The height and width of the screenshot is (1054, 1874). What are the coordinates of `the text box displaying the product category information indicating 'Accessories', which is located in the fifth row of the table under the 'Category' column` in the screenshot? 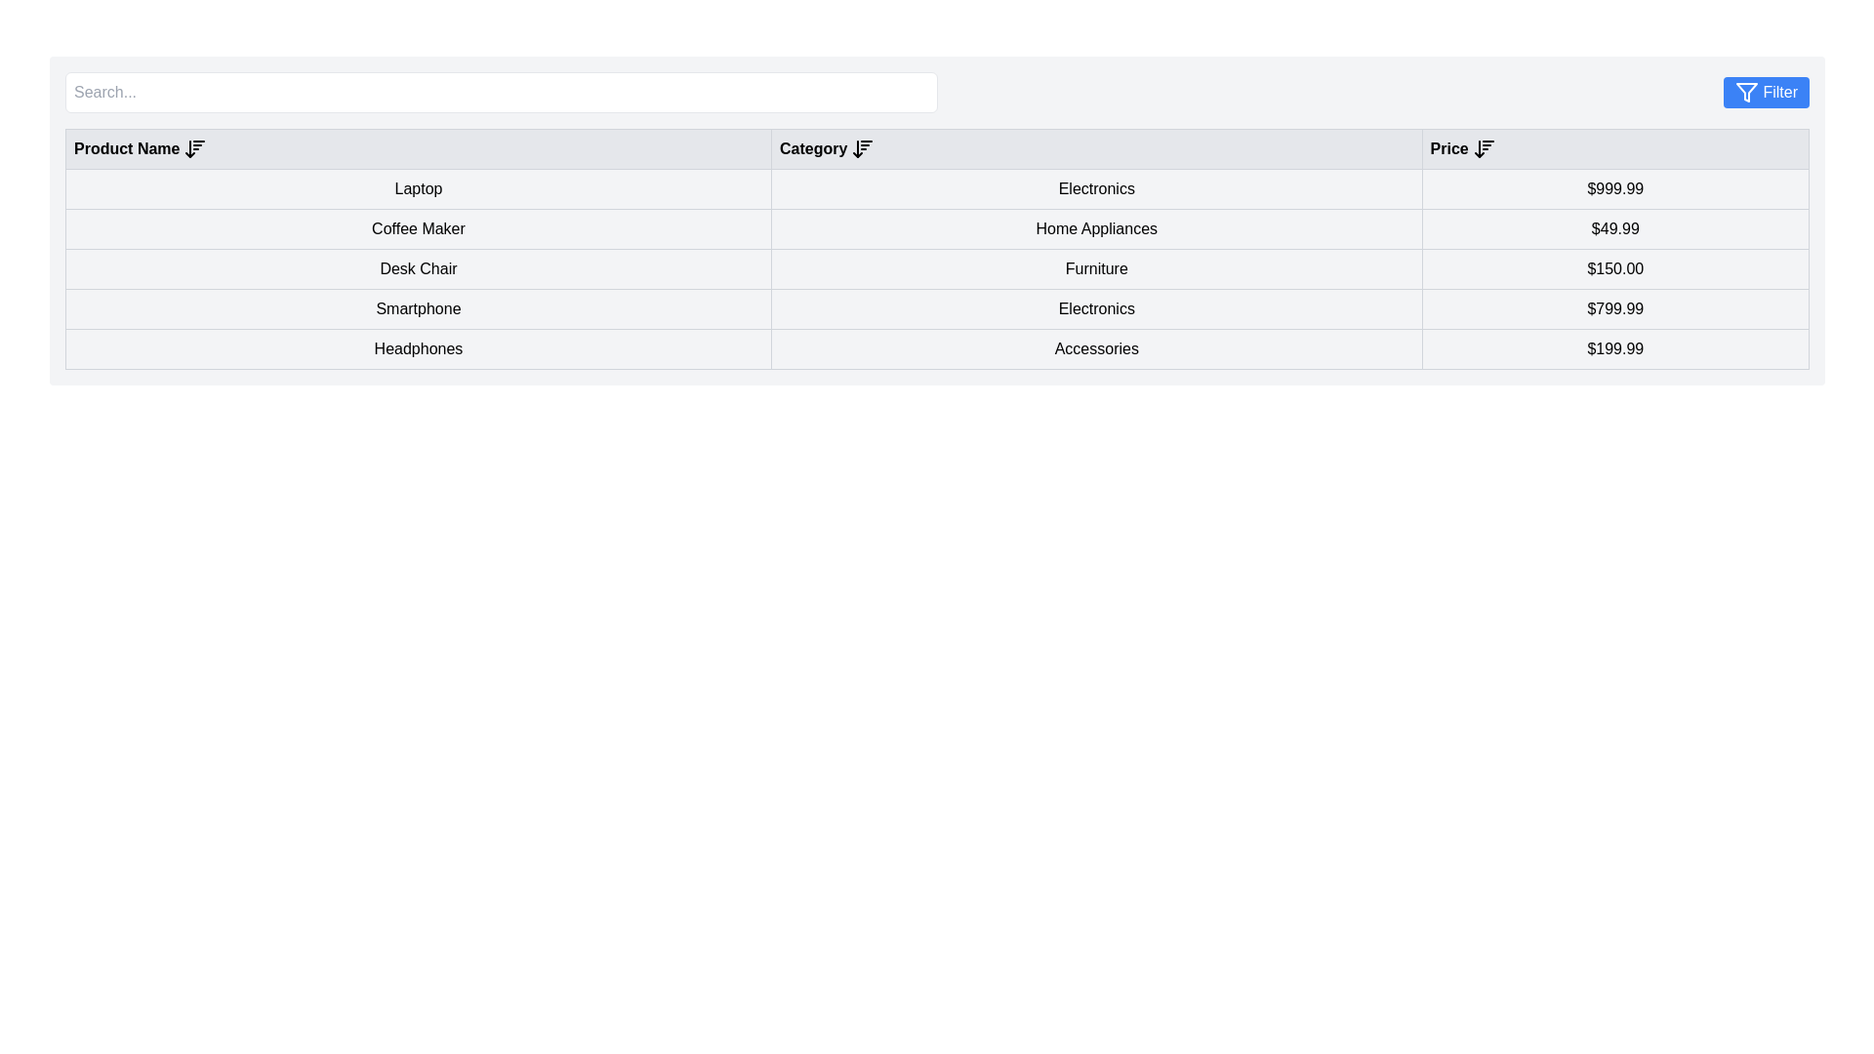 It's located at (1096, 348).